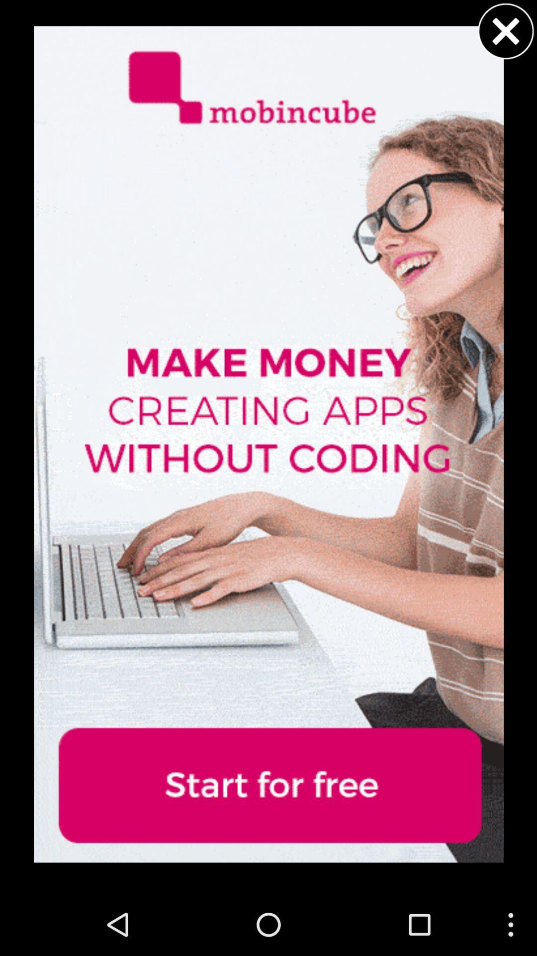  I want to click on page, so click(506, 31).